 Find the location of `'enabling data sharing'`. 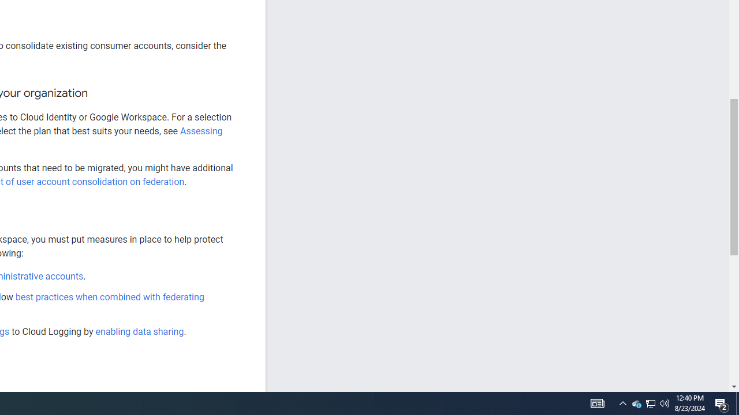

'enabling data sharing' is located at coordinates (139, 331).